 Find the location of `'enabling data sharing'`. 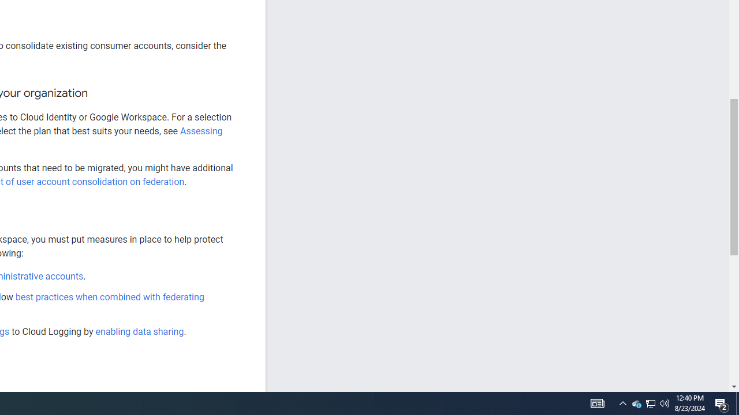

'enabling data sharing' is located at coordinates (139, 331).